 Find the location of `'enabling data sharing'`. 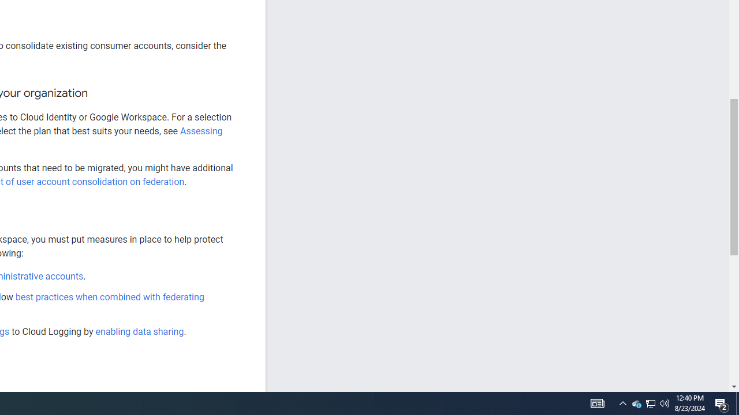

'enabling data sharing' is located at coordinates (139, 331).